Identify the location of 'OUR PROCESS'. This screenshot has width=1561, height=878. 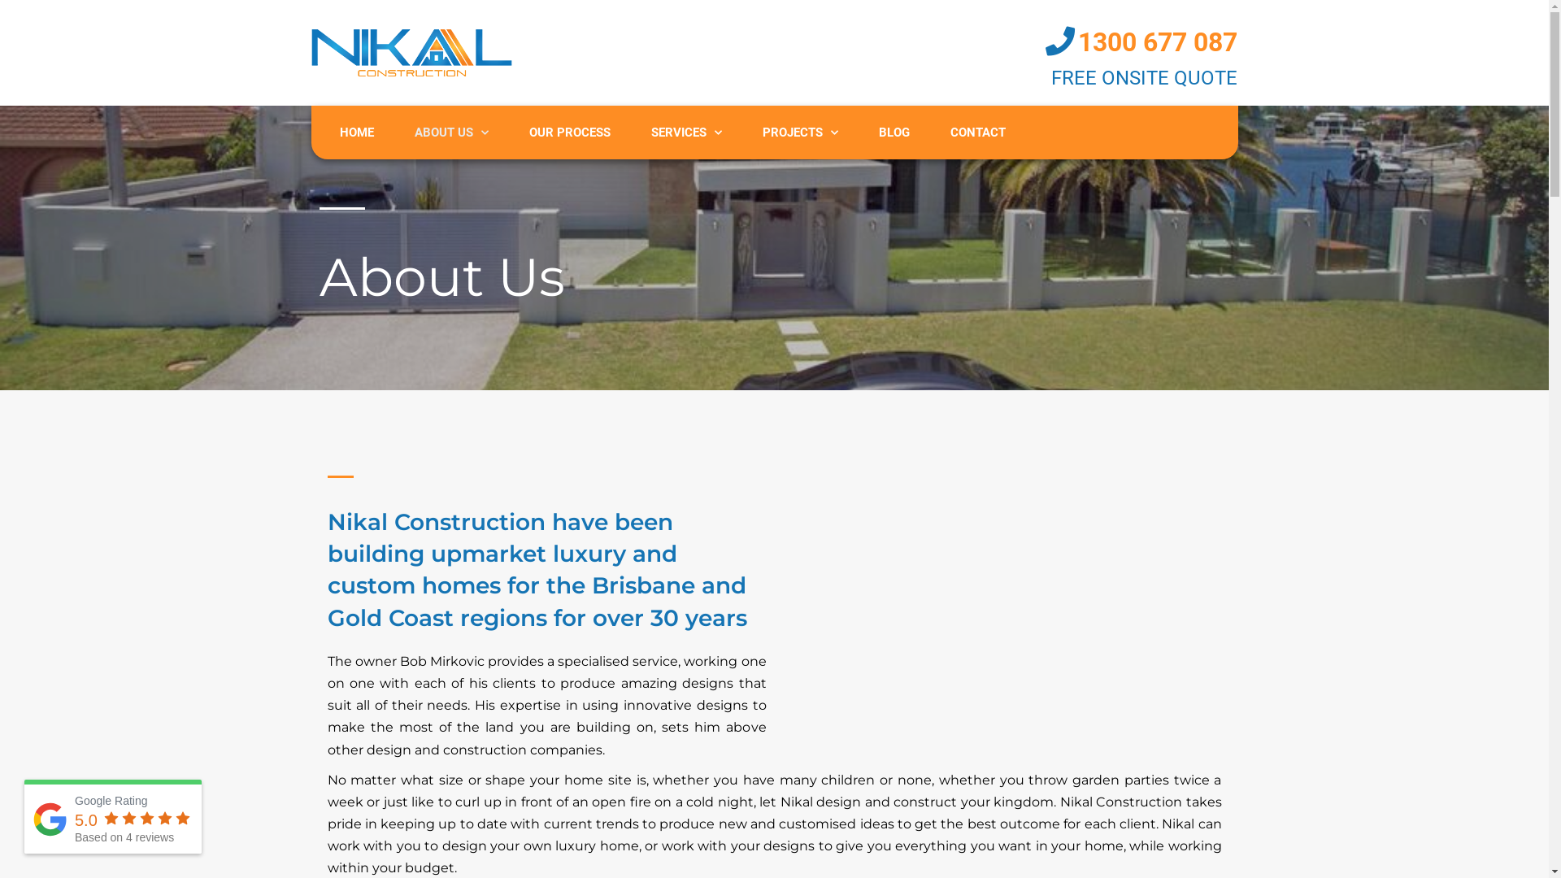
(569, 131).